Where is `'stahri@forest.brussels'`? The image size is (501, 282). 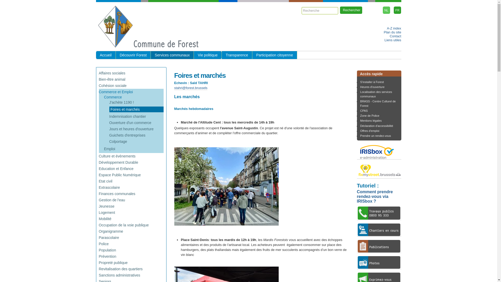
'stahri@forest.brussels' is located at coordinates (174, 87).